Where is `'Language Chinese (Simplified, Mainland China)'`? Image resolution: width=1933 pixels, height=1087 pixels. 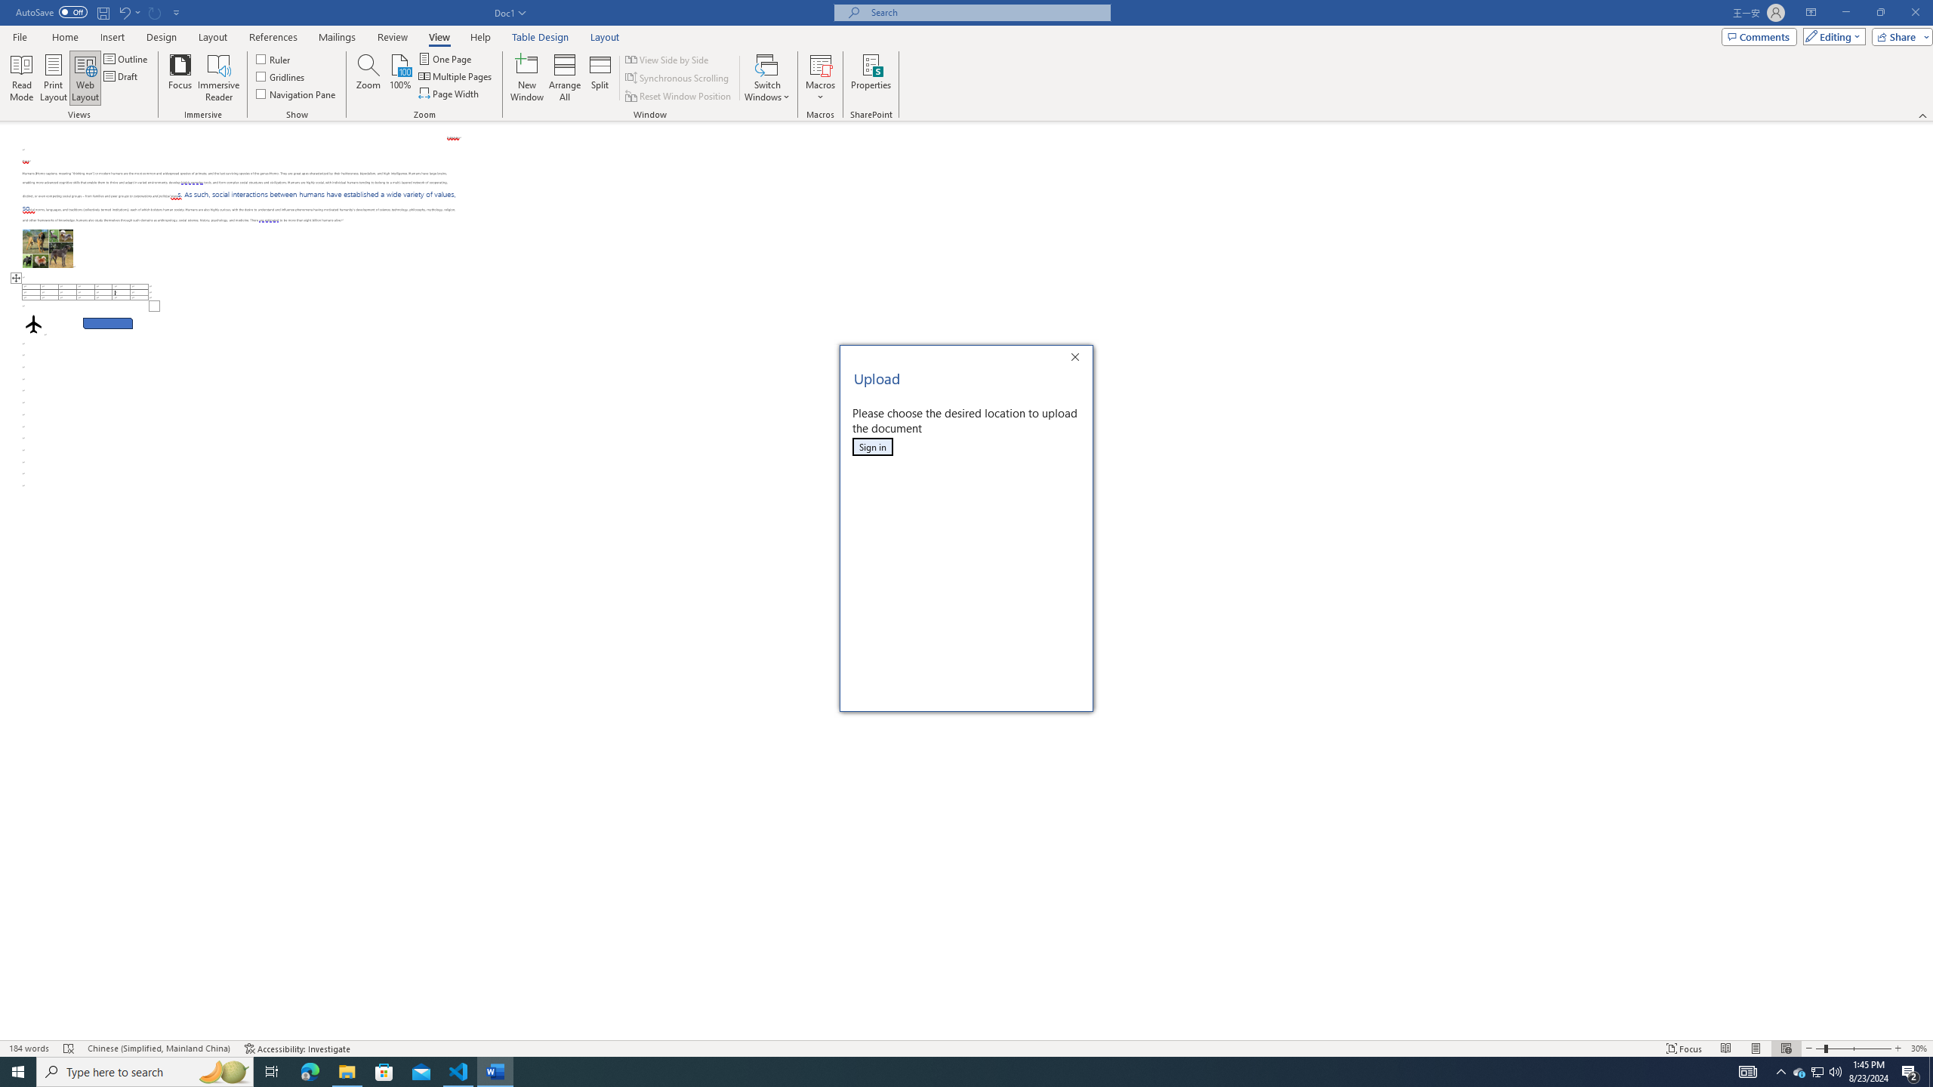 'Language Chinese (Simplified, Mainland China)' is located at coordinates (157, 1049).